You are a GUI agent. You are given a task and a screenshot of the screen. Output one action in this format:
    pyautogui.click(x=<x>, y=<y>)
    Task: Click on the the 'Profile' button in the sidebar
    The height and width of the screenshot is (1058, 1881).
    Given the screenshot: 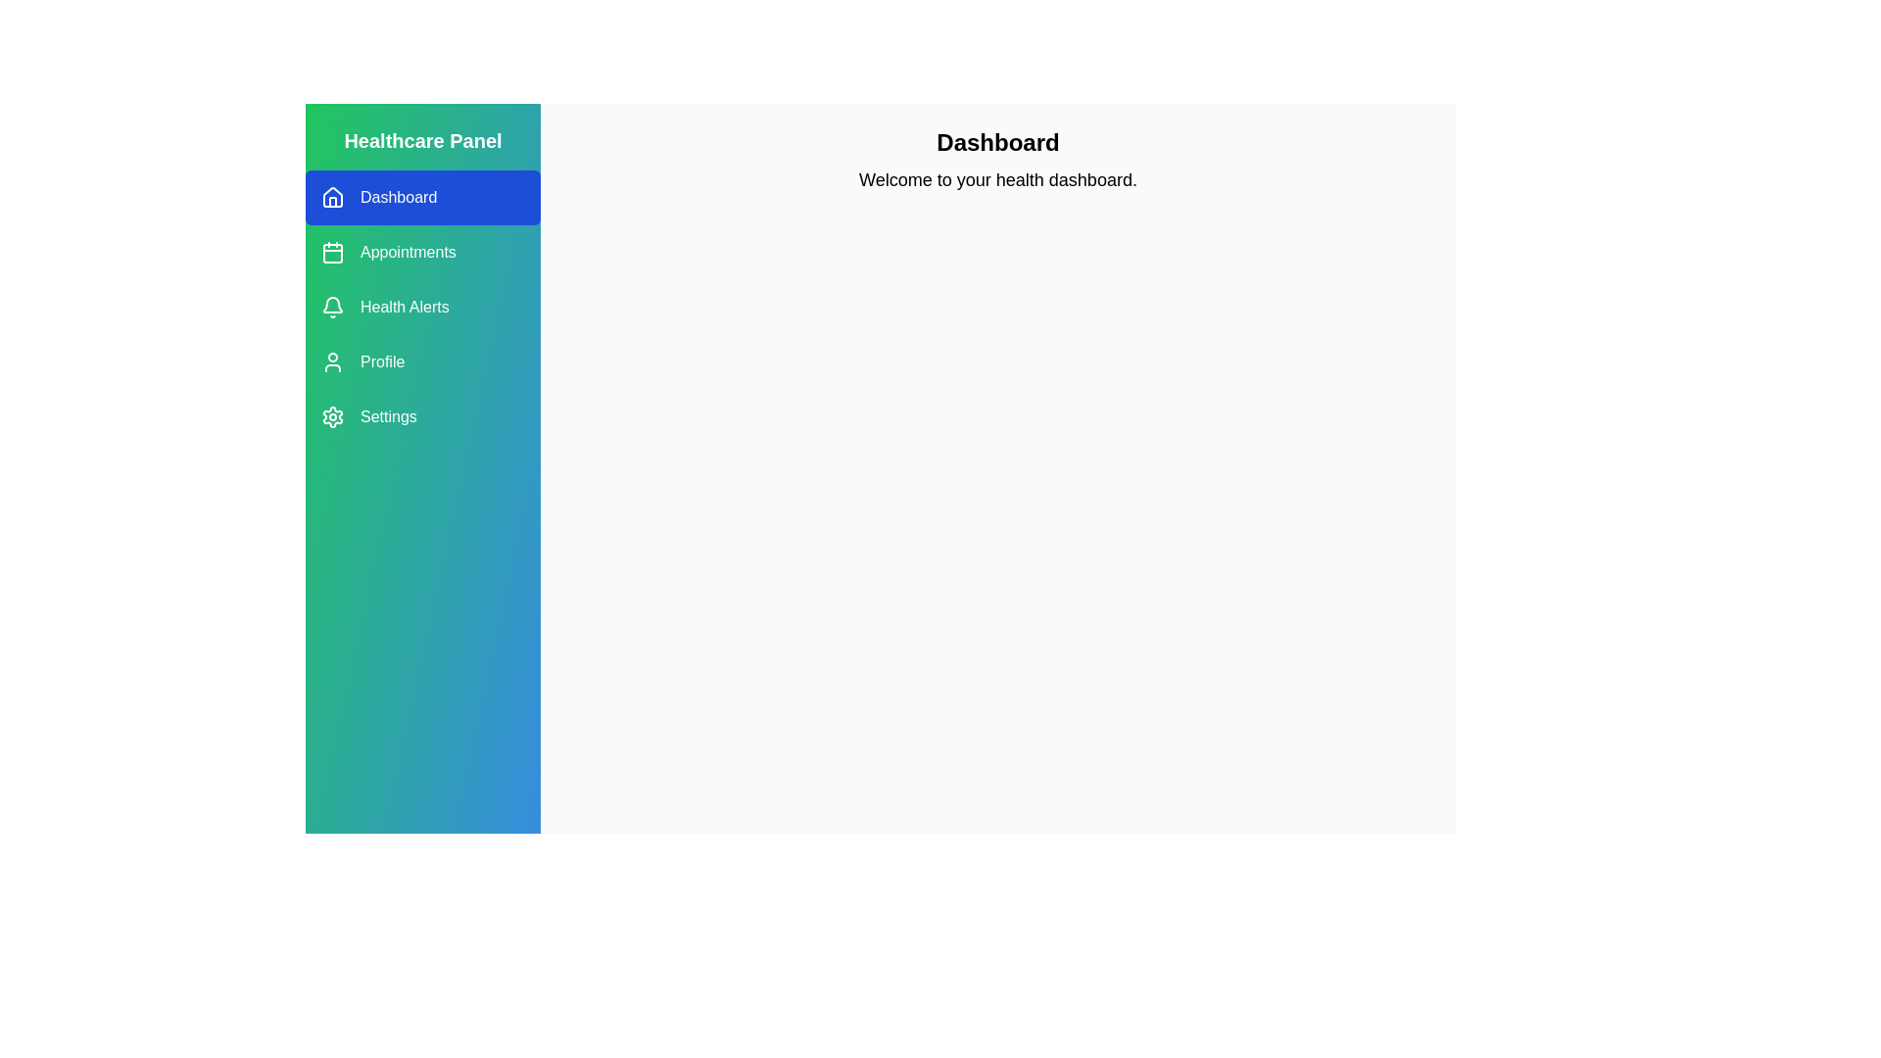 What is the action you would take?
    pyautogui.click(x=422, y=362)
    